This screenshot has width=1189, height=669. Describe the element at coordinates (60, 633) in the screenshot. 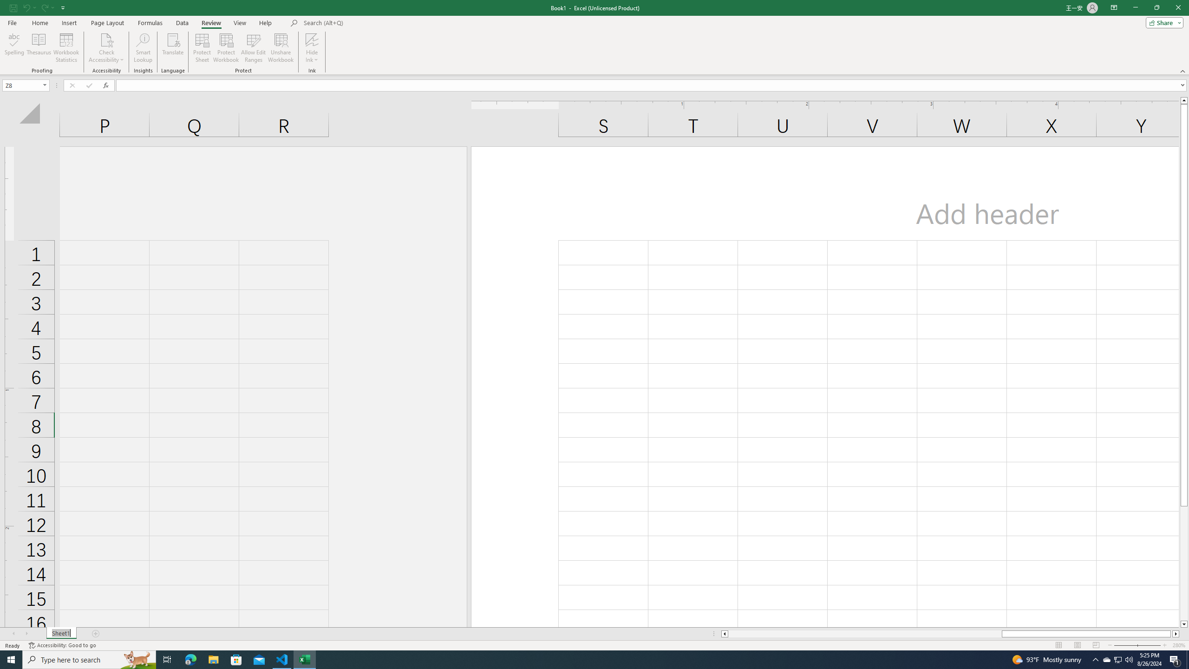

I see `'Sheet Tab'` at that location.